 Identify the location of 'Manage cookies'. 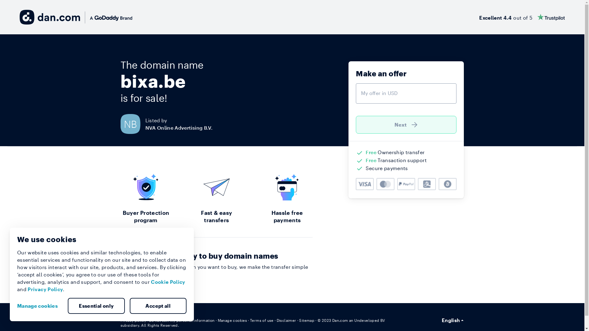
(39, 306).